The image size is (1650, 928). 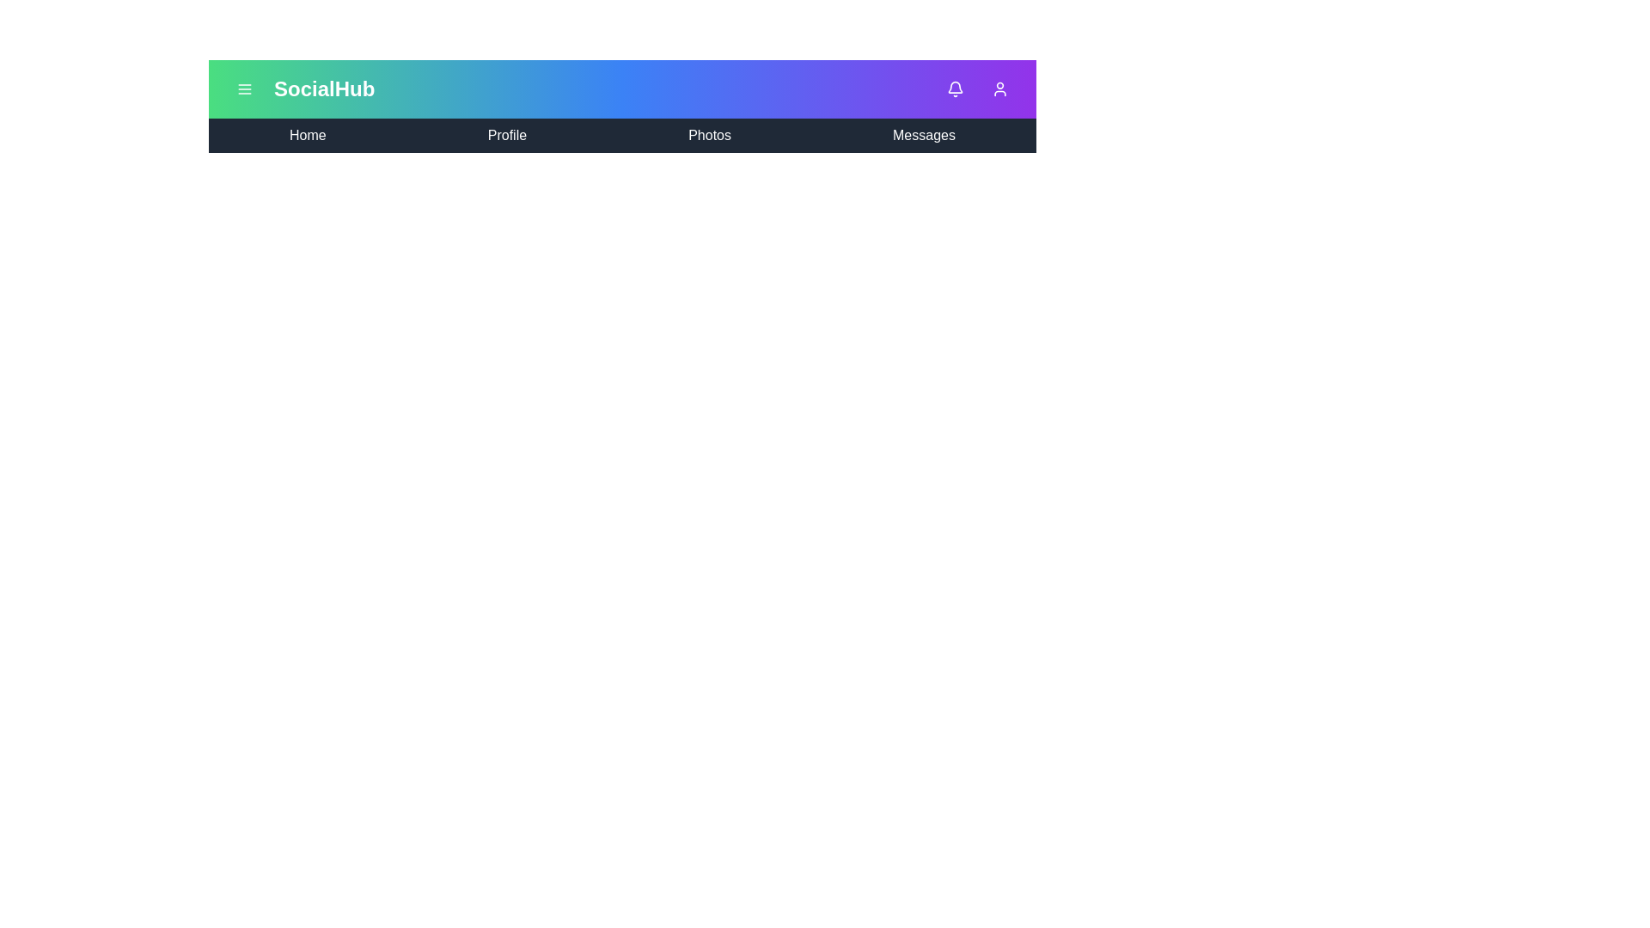 I want to click on the navigation item Photos to navigate to the corresponding section, so click(x=709, y=135).